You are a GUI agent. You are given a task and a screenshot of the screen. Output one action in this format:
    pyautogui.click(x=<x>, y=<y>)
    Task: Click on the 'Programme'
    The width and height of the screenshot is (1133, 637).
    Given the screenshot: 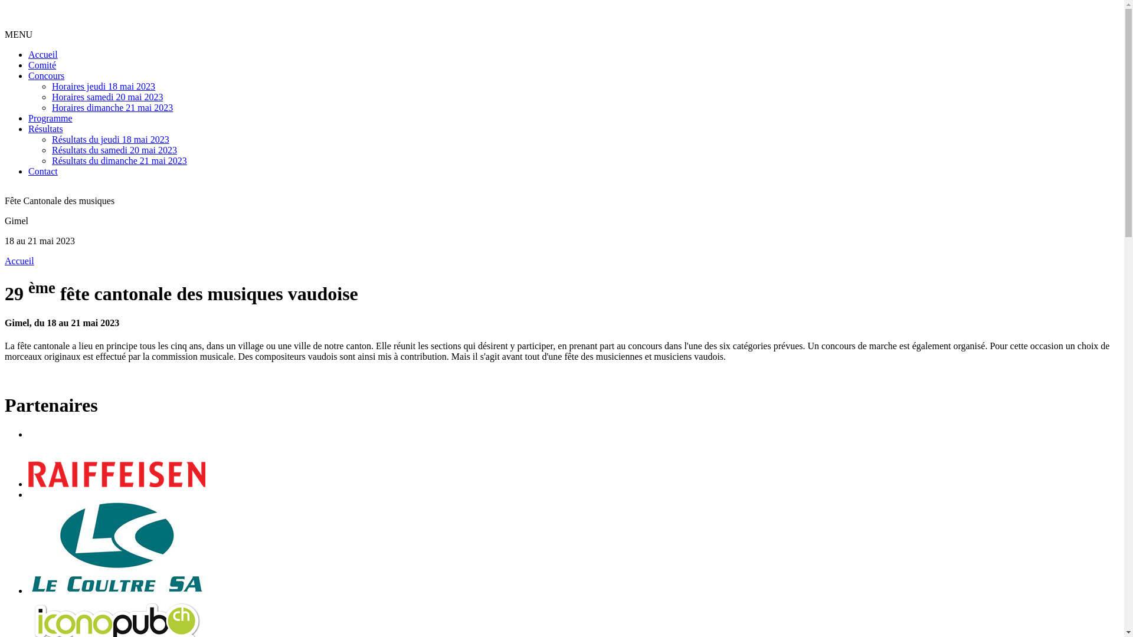 What is the action you would take?
    pyautogui.click(x=28, y=118)
    